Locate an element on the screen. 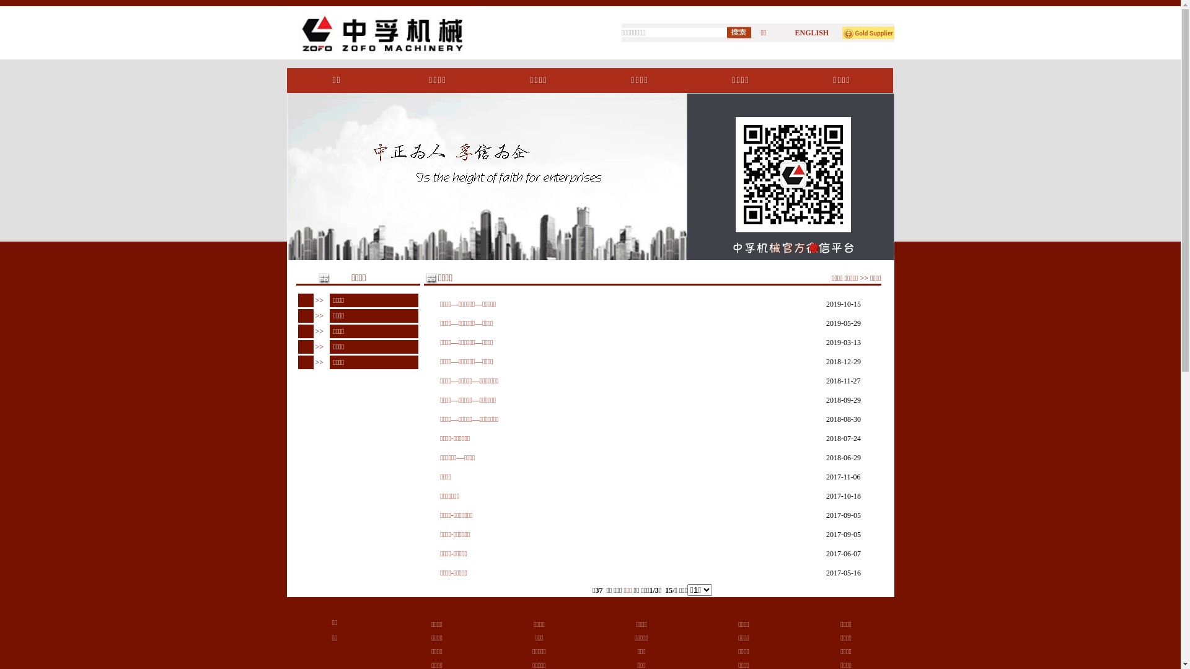 This screenshot has width=1190, height=669. 'ENGLISH' is located at coordinates (794, 32).